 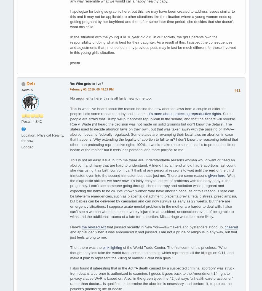 I want to click on 'Location: Physical Reality, for now.', so click(x=42, y=138).